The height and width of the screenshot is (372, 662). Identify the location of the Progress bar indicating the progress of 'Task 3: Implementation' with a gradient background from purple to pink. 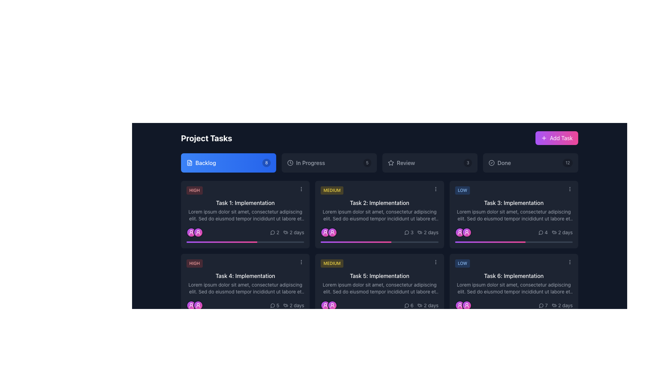
(490, 241).